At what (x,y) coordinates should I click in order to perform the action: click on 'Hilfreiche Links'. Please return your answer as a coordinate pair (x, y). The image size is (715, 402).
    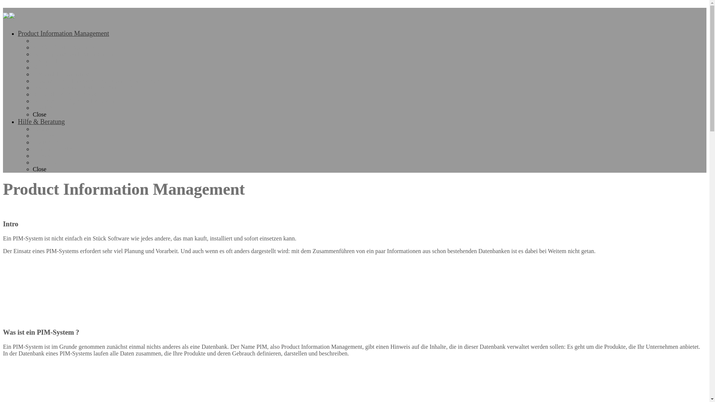
    Looking at the image, I should click on (52, 149).